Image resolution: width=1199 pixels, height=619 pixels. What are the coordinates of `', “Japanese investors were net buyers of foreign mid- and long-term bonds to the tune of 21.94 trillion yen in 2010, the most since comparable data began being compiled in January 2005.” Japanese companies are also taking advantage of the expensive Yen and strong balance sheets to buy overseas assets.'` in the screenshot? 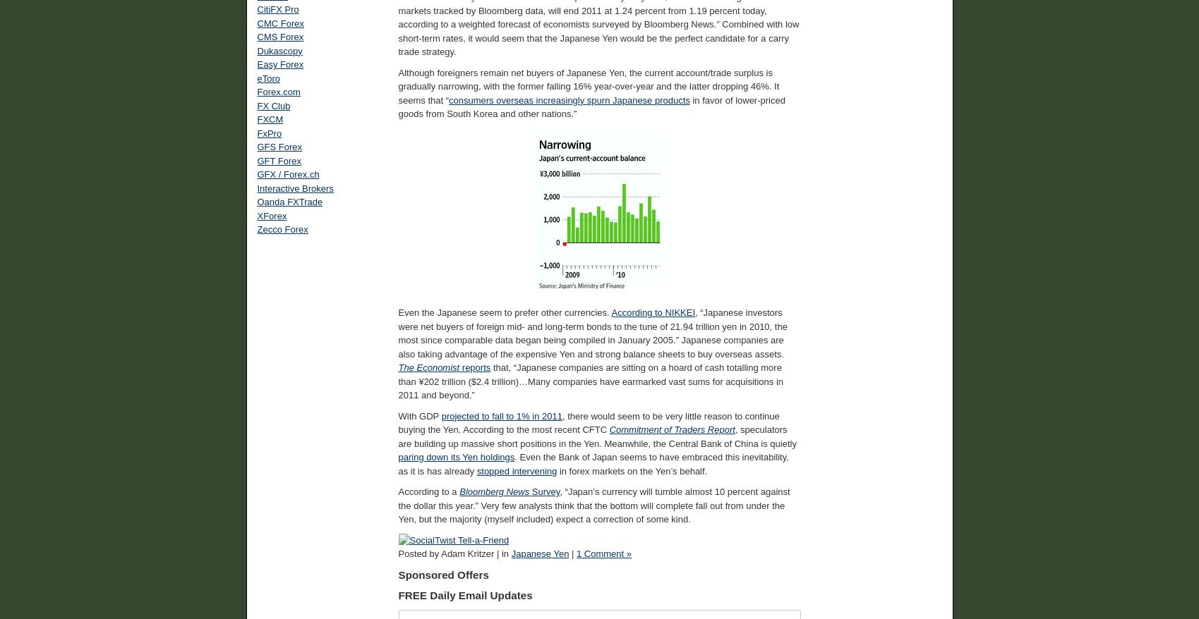 It's located at (592, 332).